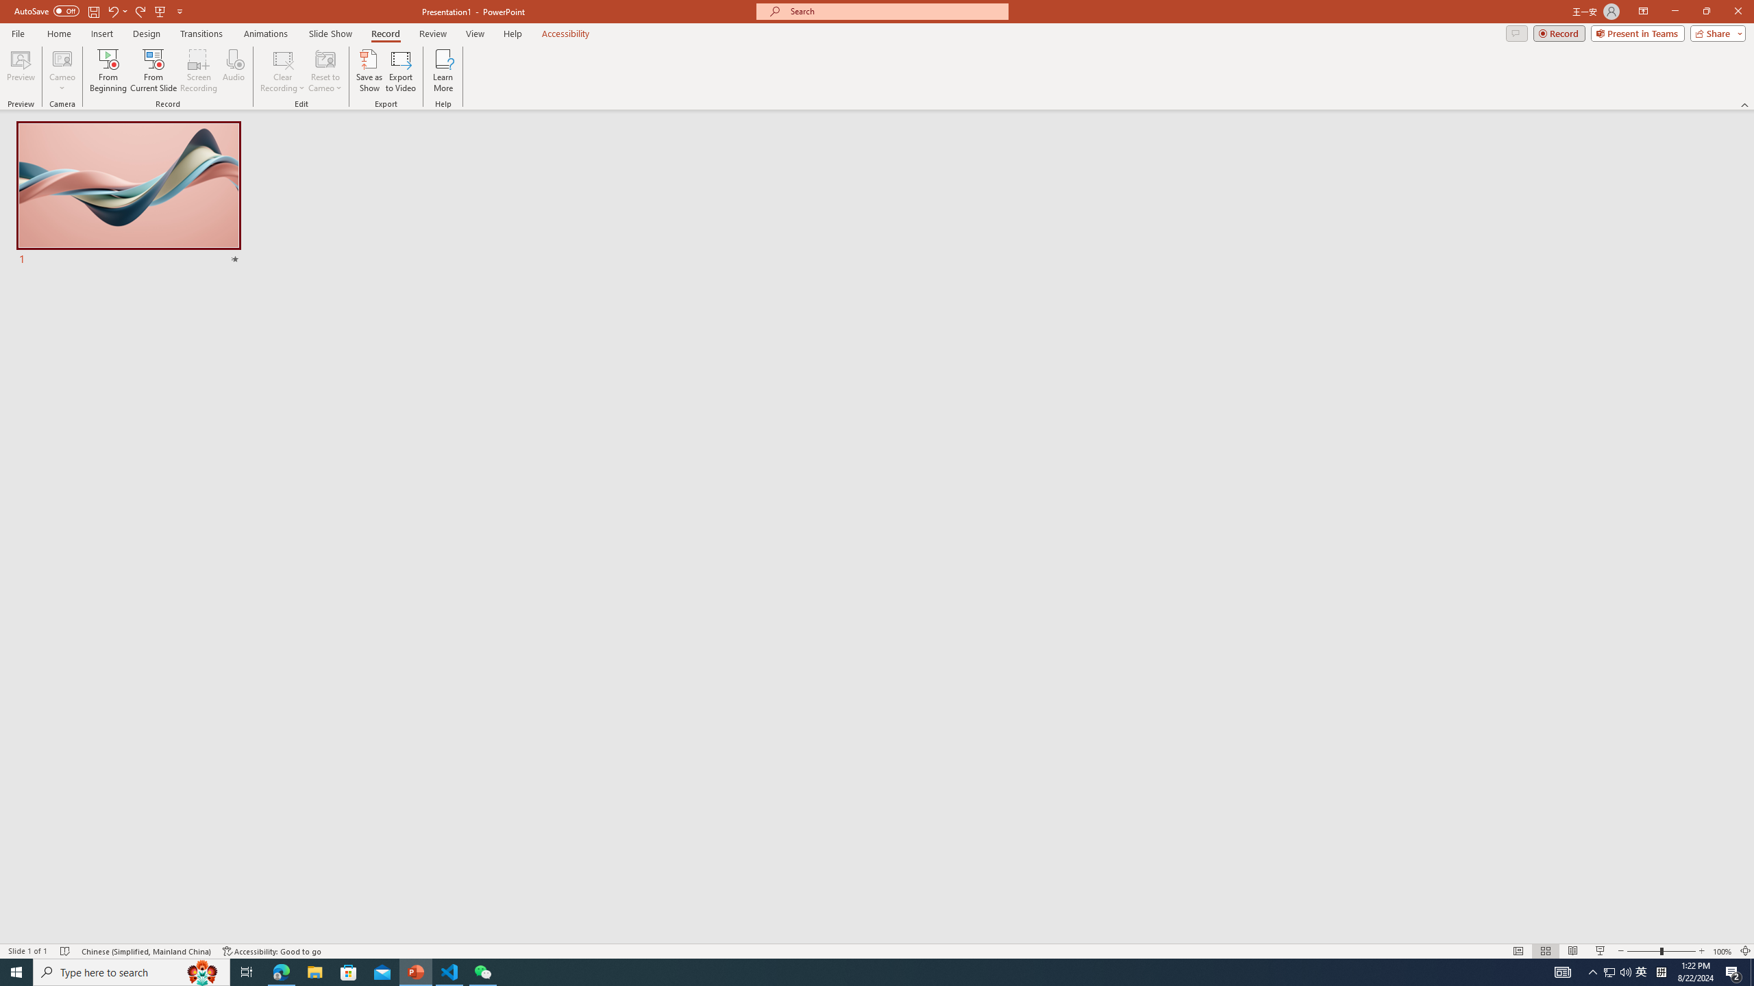 The height and width of the screenshot is (986, 1754). I want to click on 'Zoom 100%', so click(1723, 951).